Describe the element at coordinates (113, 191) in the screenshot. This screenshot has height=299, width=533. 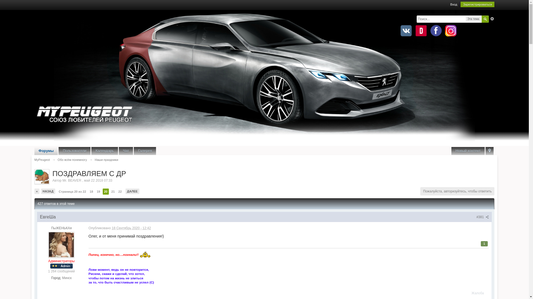
I see `'21'` at that location.